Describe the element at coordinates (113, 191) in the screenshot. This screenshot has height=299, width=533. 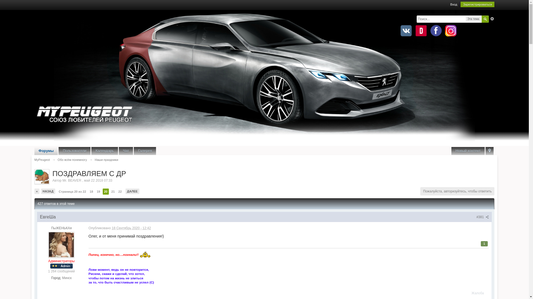
I see `'21'` at that location.